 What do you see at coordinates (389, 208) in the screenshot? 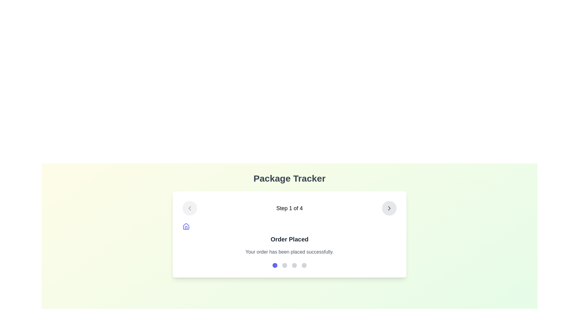
I see `the circular button with a gray background and right-pointing chevron icon to activate its visual hover effect` at bounding box center [389, 208].